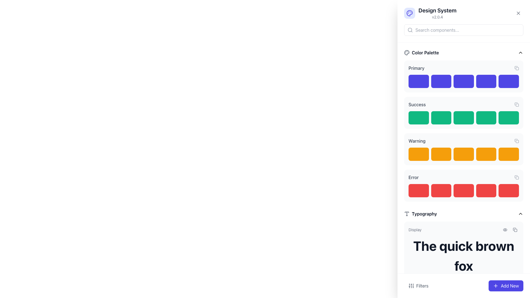 The height and width of the screenshot is (298, 530). I want to click on the 'Success' text label located in the 'Color Palette' section, which is positioned above a row of green color swatches, so click(417, 104).